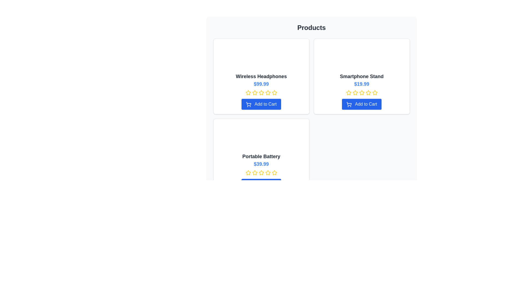 This screenshot has height=294, width=524. I want to click on the first star icon in the row of five stars under the 'Smartphone Stand' product card, so click(348, 92).